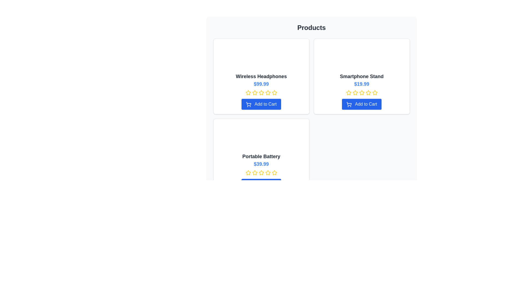 This screenshot has height=294, width=524. I want to click on the first star icon in the row of five stars under the 'Smartphone Stand' product card, so click(348, 92).